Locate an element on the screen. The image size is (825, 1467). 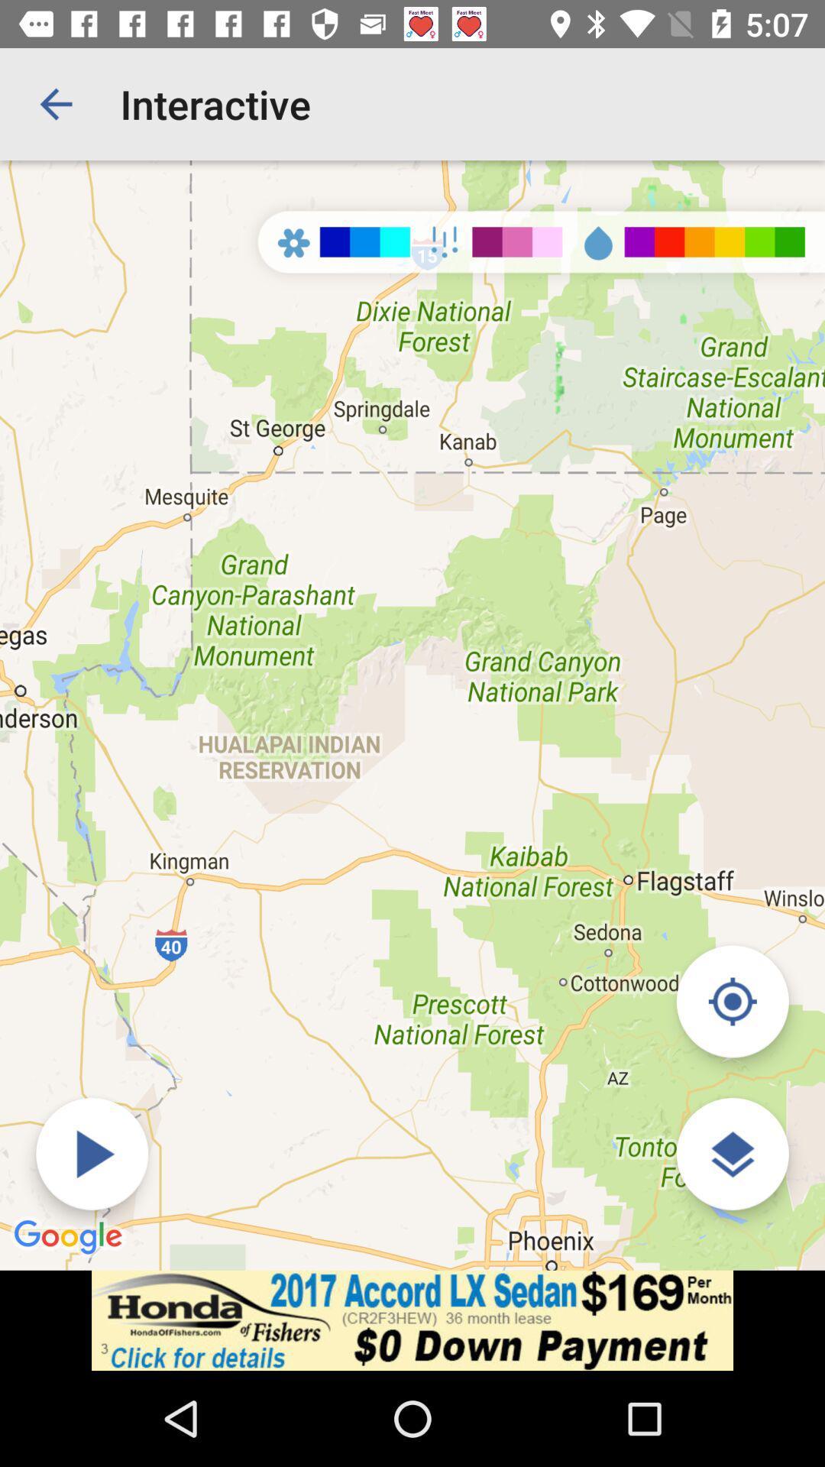
recenter is located at coordinates (732, 1001).